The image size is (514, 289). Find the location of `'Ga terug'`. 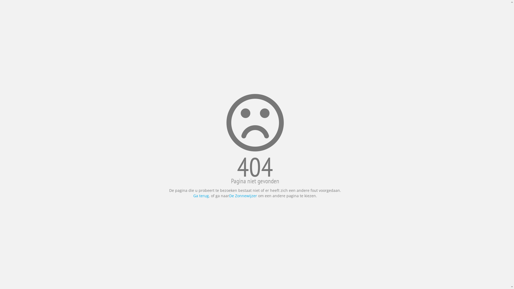

'Ga terug' is located at coordinates (201, 196).